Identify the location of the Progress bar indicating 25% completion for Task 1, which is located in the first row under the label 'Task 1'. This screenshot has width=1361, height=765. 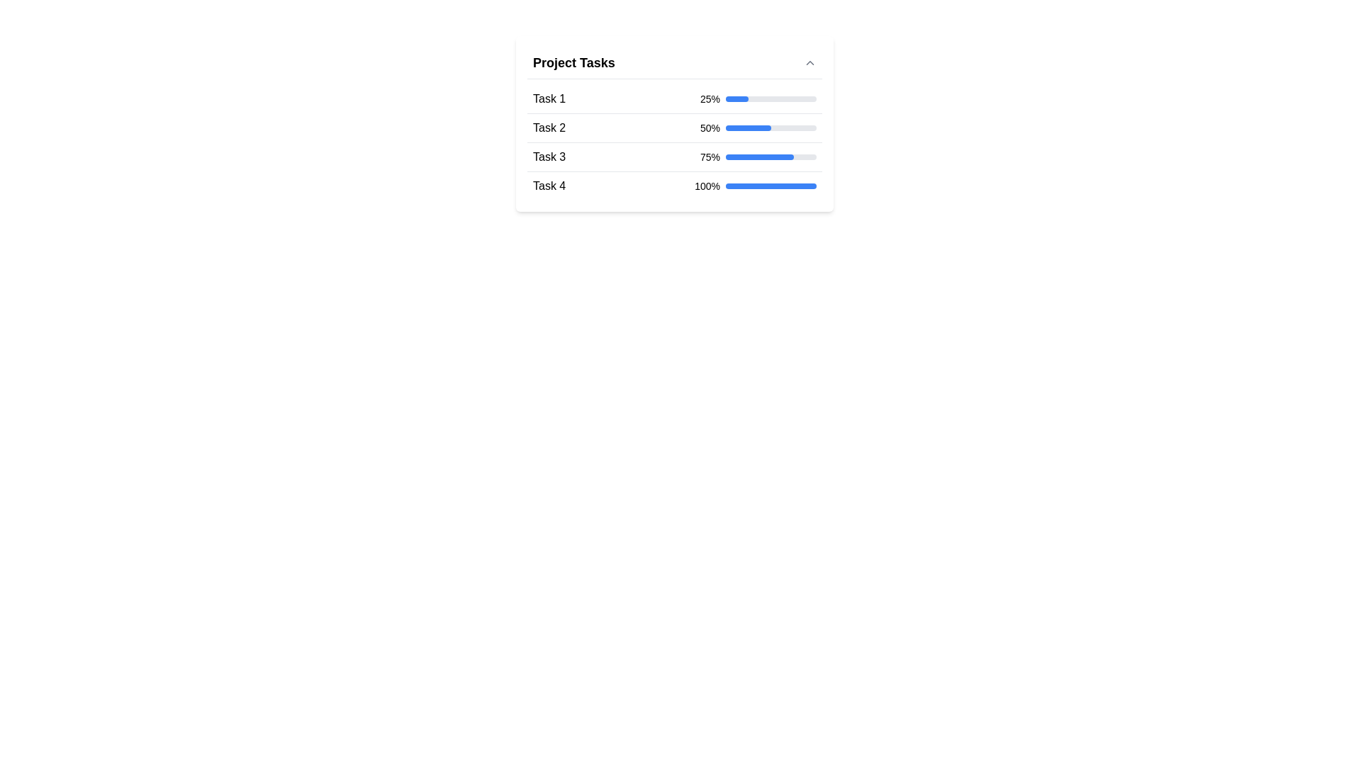
(771, 98).